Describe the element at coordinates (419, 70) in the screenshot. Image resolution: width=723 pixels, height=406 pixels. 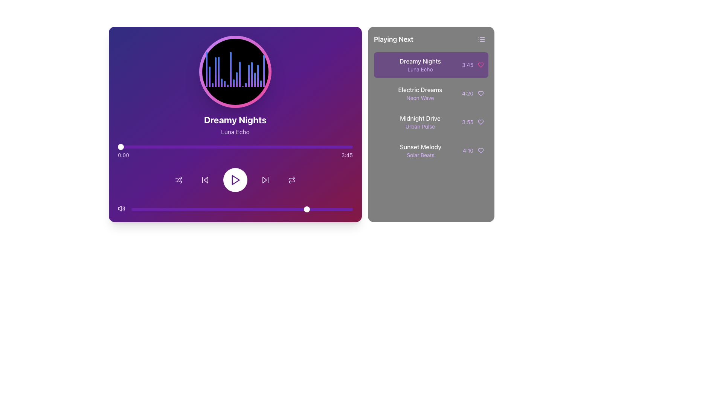
I see `the text label that displays 'Luna Echo' in light purple color, positioned underneath 'Dreamy Nights' in the sidebar` at that location.